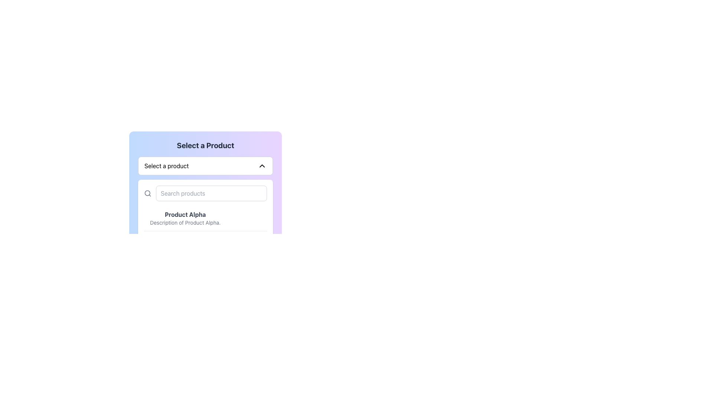  Describe the element at coordinates (148, 193) in the screenshot. I see `the search icon located to the left of the search input area, which serves as a trigger for the search functionality` at that location.